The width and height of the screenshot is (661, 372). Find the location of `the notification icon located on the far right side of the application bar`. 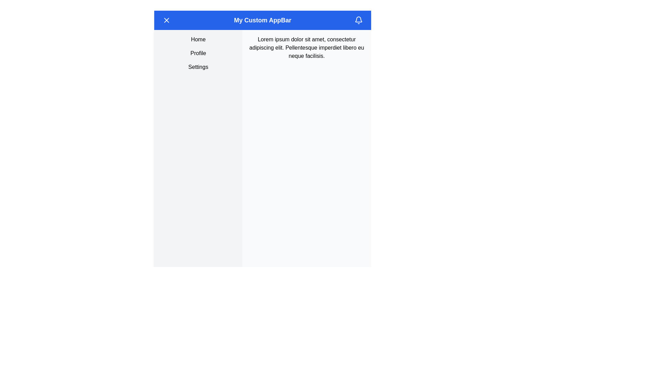

the notification icon located on the far right side of the application bar is located at coordinates (358, 20).